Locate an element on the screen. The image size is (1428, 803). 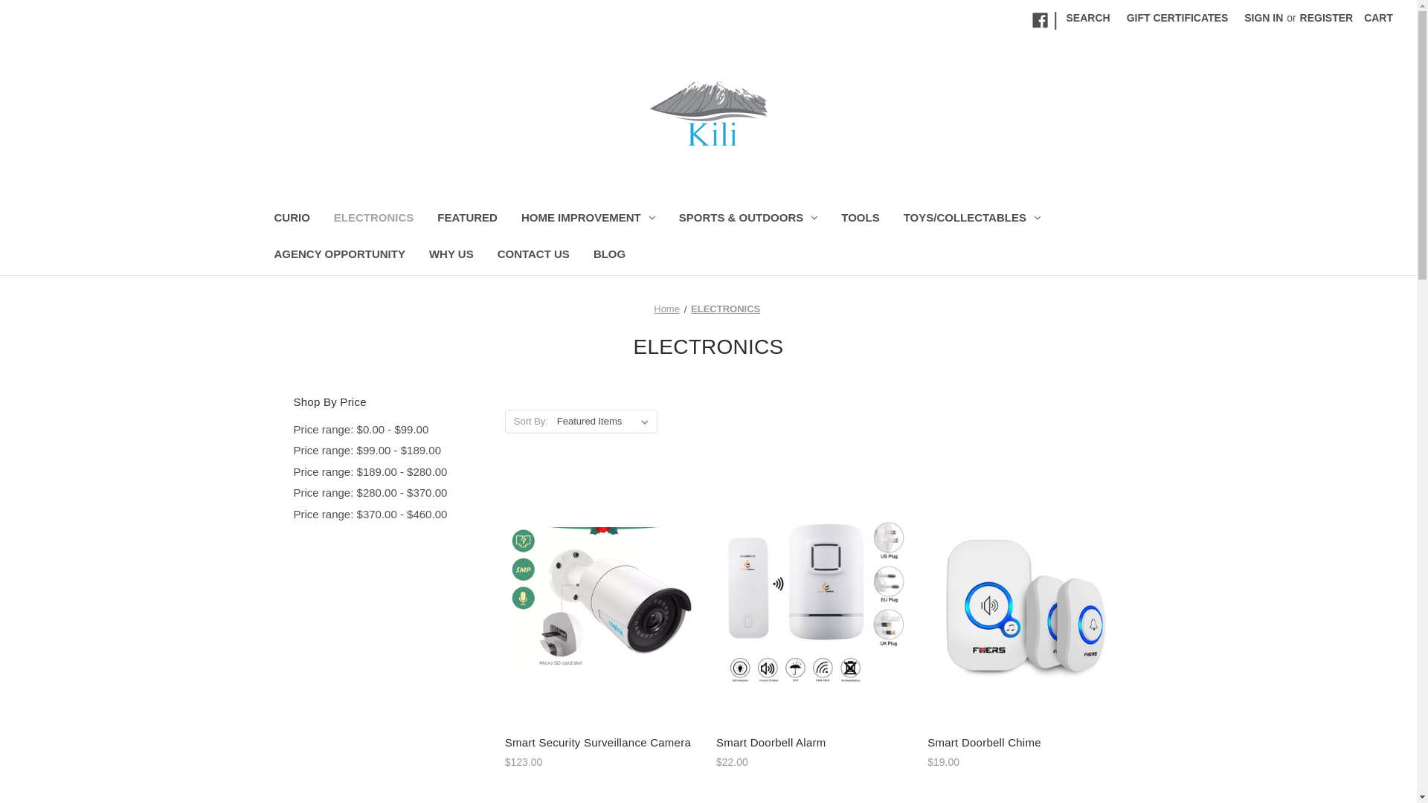
'GIFT CERTIFICATES' is located at coordinates (1177, 18).